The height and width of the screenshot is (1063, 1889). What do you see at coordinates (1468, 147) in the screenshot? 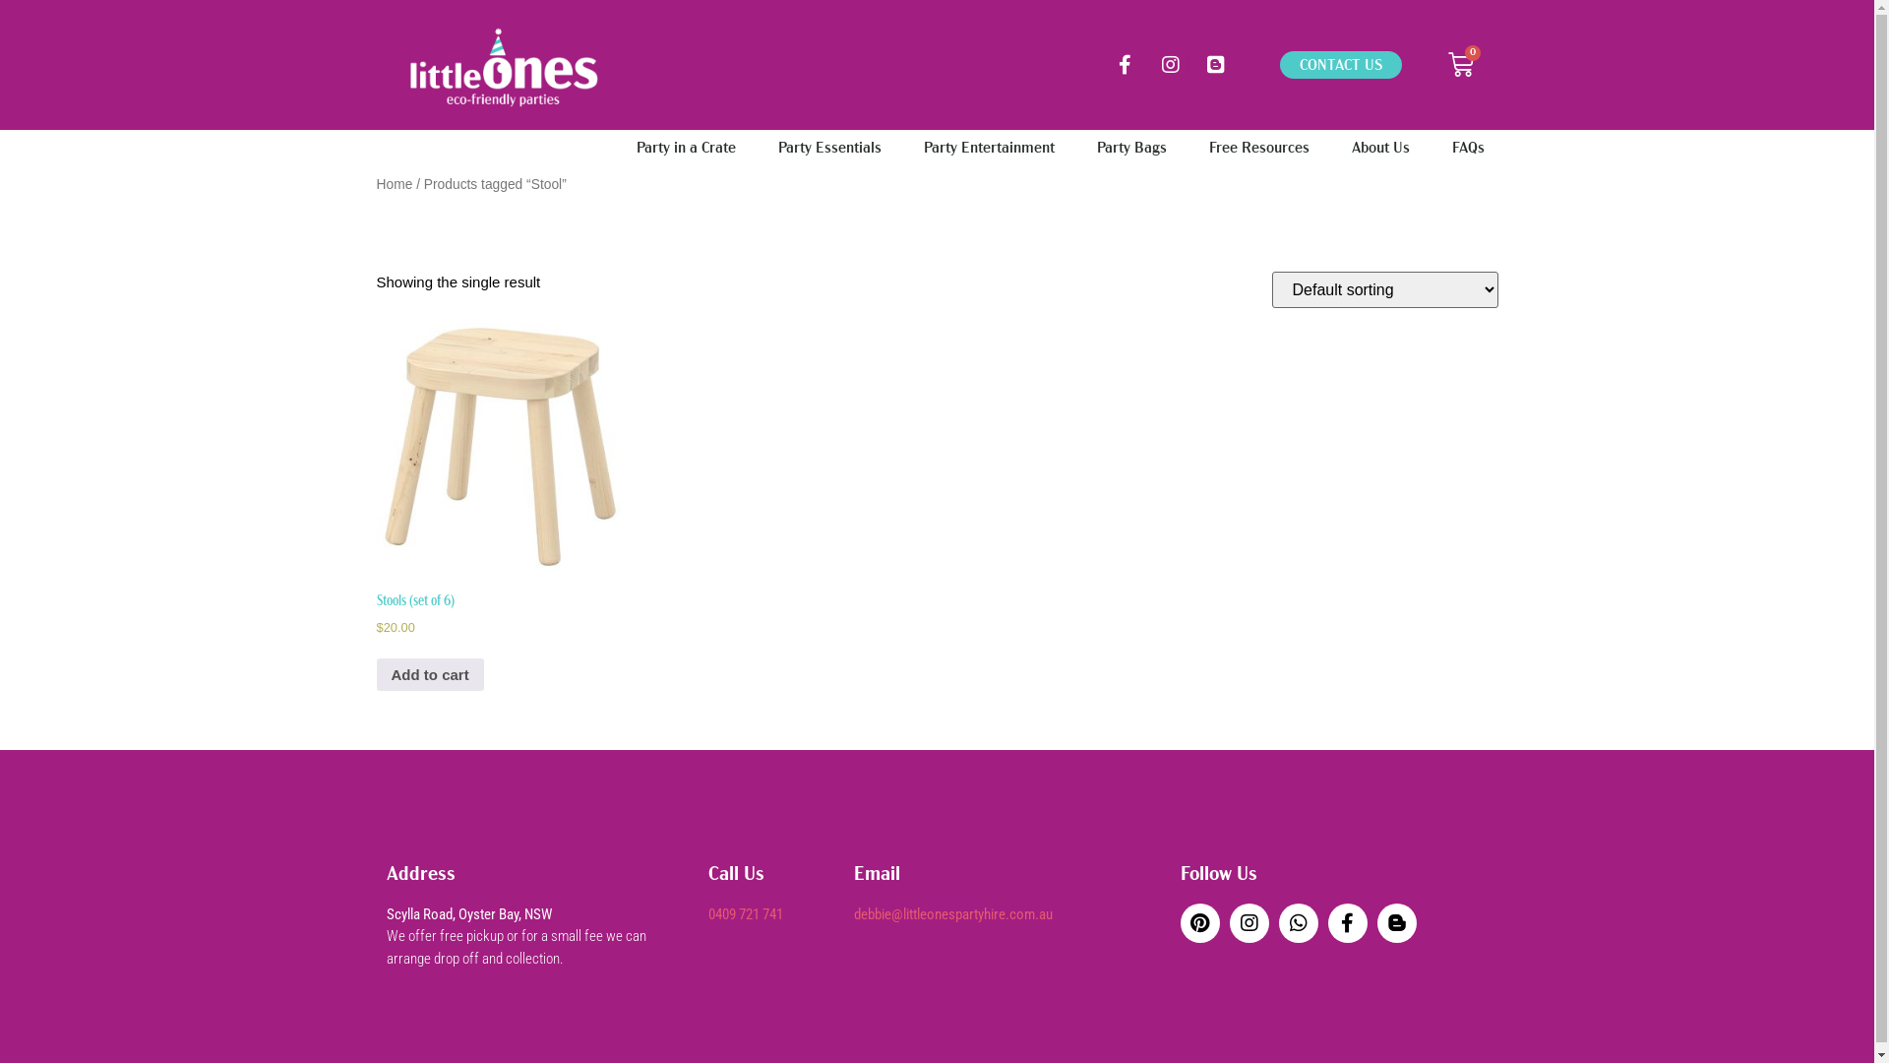
I see `'FAQs'` at bounding box center [1468, 147].